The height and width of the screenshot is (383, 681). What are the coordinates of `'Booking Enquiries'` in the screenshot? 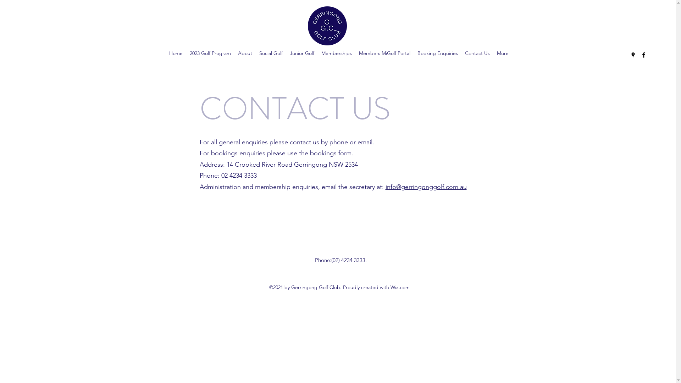 It's located at (437, 53).